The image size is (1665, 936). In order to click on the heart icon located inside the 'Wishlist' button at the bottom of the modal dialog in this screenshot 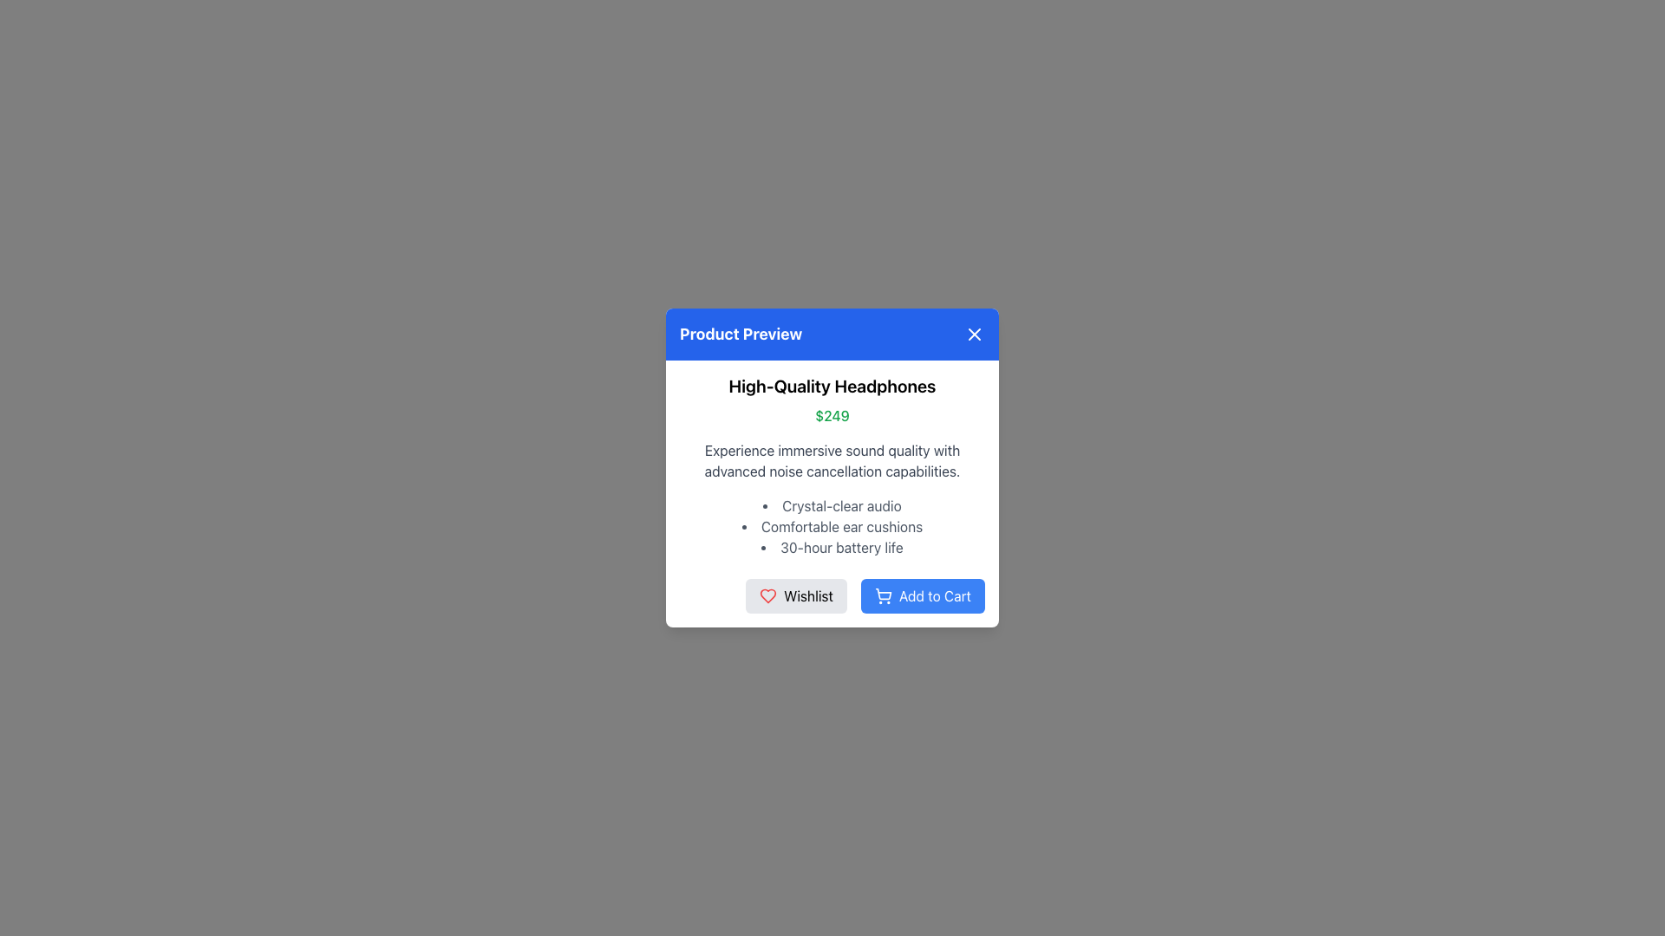, I will do `click(767, 595)`.